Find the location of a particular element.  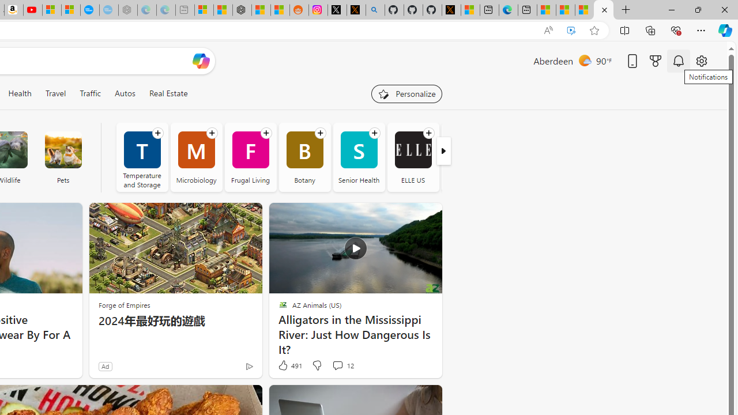

'Nordace - Duffels' is located at coordinates (242, 10).